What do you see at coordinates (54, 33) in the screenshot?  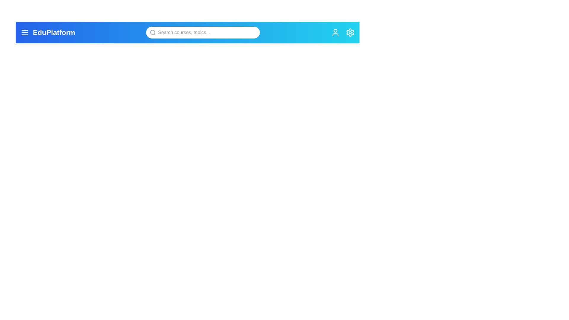 I see `the 'EduPlatform' text to select it` at bounding box center [54, 33].